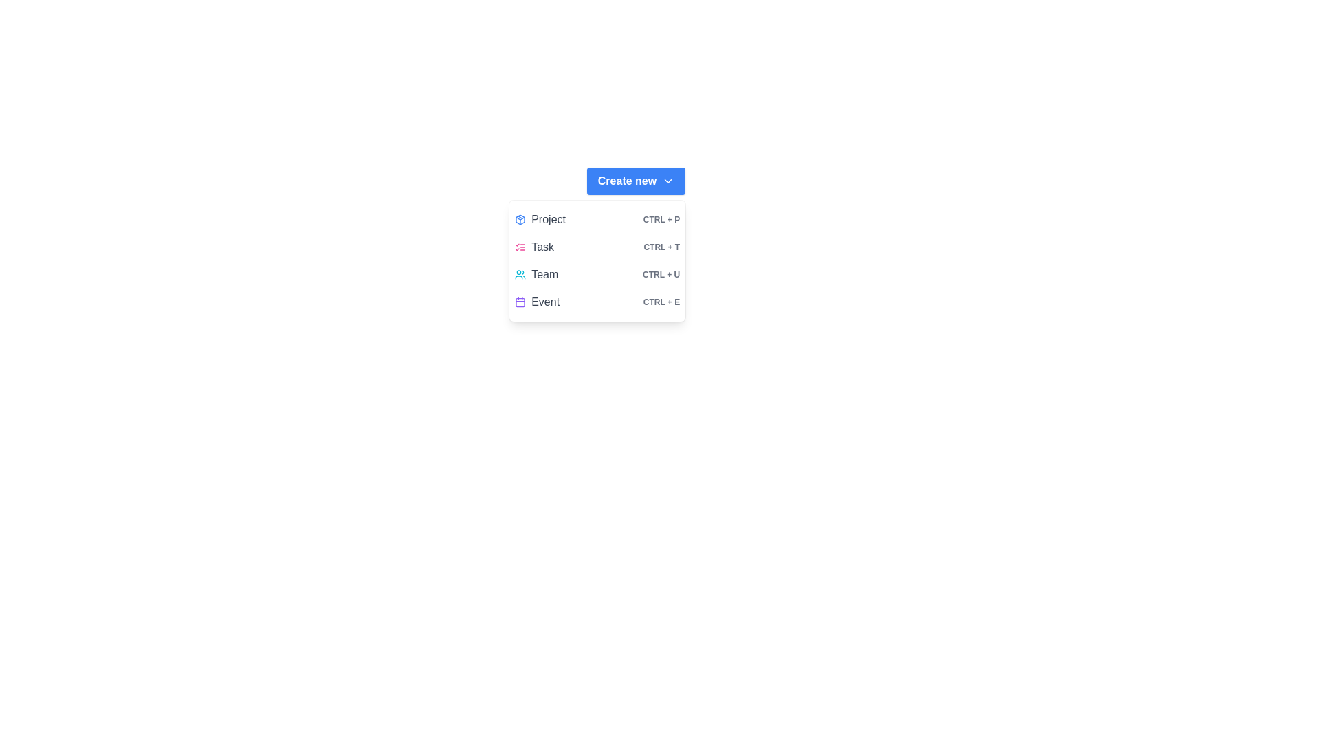 This screenshot has width=1320, height=742. Describe the element at coordinates (520, 301) in the screenshot. I see `the calendar icon with a violet-colored outline in the 'Create new' dropdown menu, located to the left of the text 'Event' and the shortcut 'Ctrl + E'` at that location.